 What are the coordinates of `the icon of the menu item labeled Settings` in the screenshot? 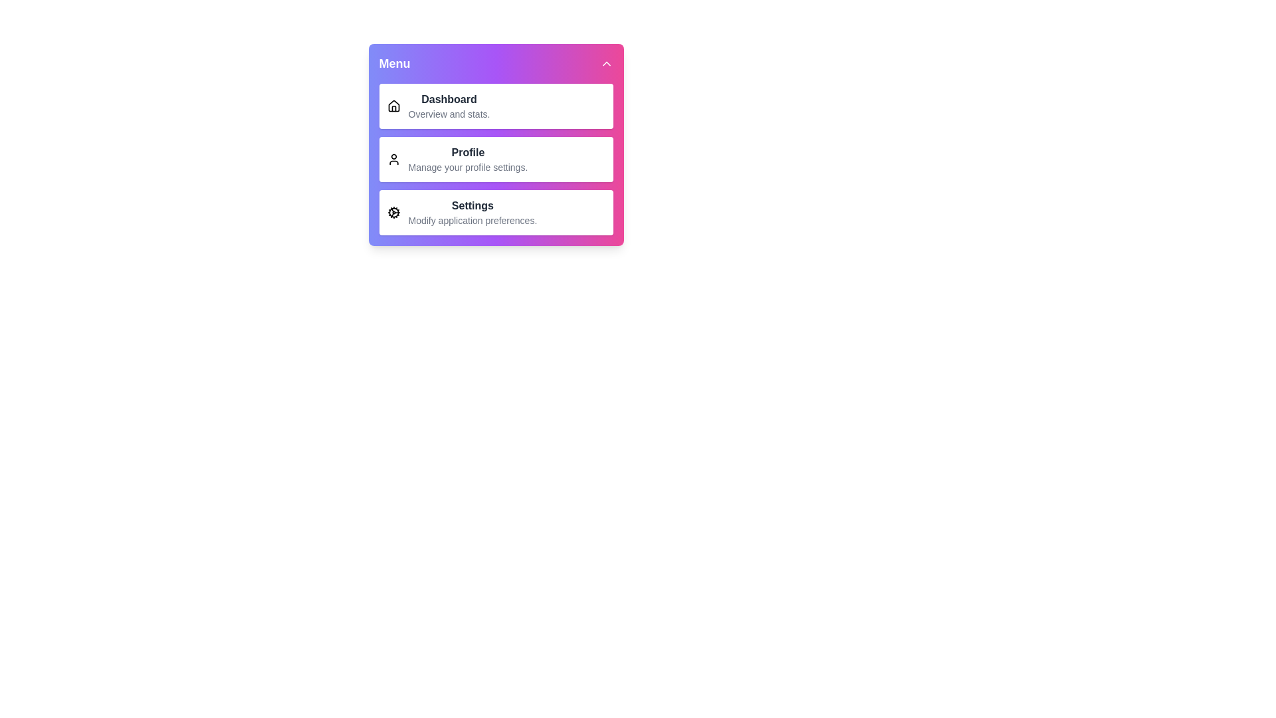 It's located at (393, 212).